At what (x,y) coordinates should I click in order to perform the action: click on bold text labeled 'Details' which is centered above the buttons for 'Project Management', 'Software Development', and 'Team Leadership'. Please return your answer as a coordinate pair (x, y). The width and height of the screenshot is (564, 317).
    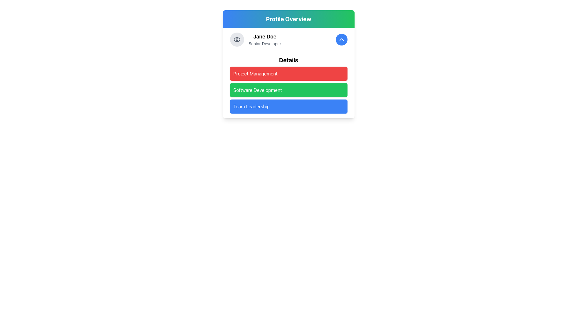
    Looking at the image, I should click on (288, 60).